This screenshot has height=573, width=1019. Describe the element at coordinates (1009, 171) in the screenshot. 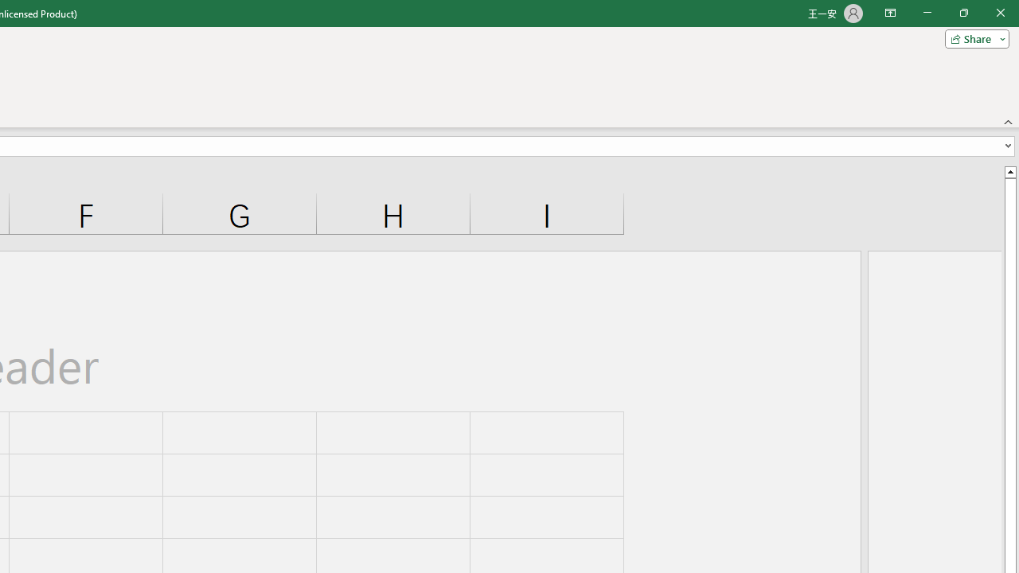

I see `'Line up'` at that location.